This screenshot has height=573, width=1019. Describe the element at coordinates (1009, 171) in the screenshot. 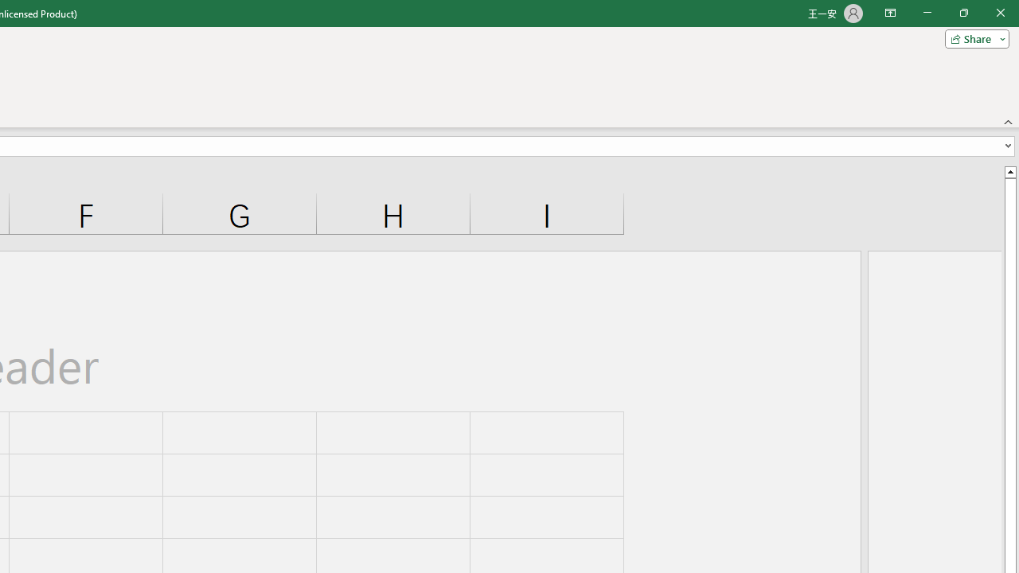

I see `'Line up'` at that location.